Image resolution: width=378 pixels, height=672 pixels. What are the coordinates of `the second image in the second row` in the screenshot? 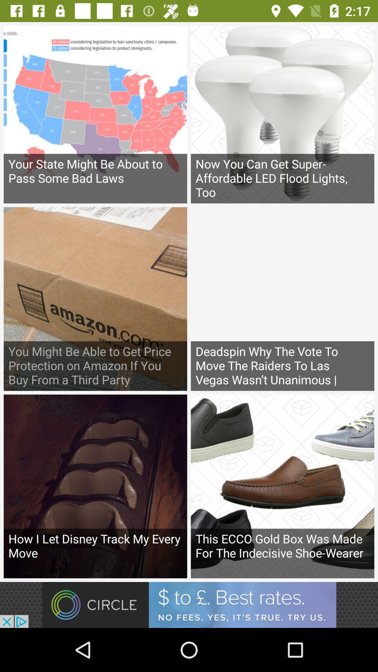 It's located at (282, 299).